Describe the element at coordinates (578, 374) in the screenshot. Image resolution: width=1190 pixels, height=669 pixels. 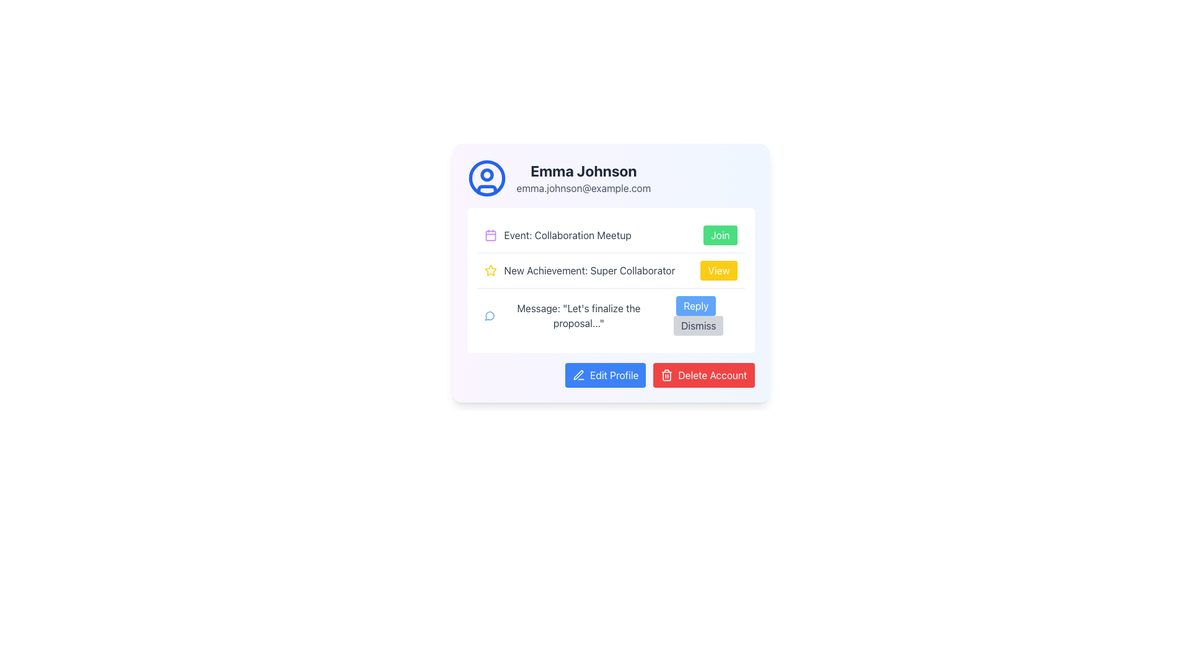
I see `the pen-like icon located within the blue rectangular 'Edit Profile' button at the bottom-left of the interface` at that location.